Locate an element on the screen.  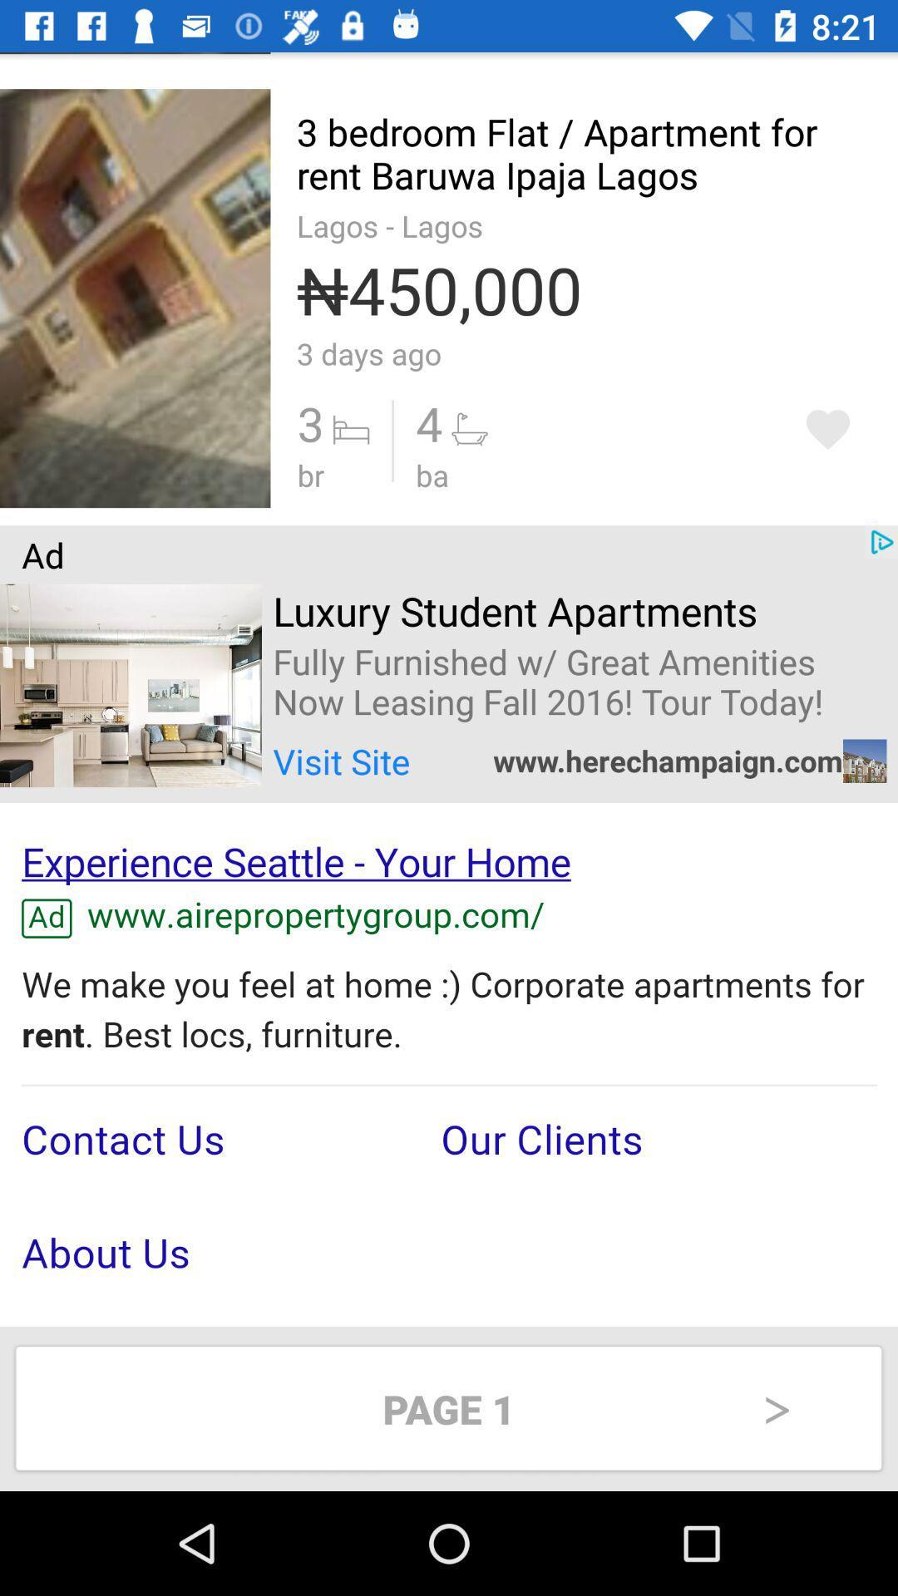
the text visit site is located at coordinates (341, 760).